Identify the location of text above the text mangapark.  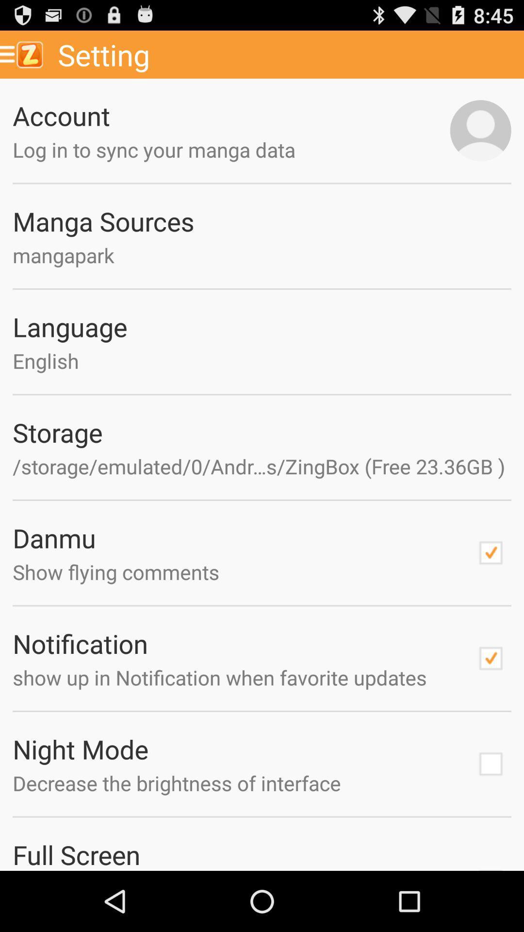
(262, 220).